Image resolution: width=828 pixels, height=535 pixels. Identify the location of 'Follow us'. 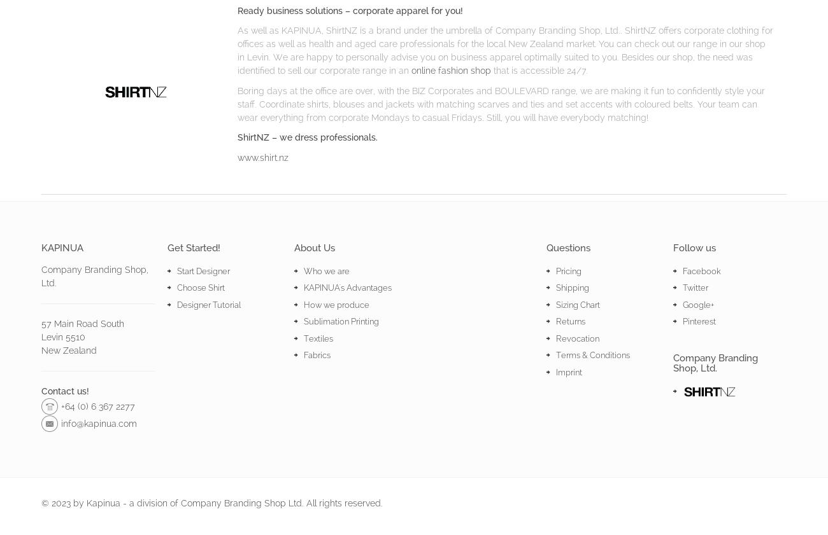
(693, 247).